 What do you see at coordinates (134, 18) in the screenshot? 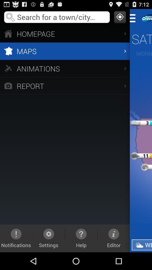
I see `the app above the saturday 10 app` at bounding box center [134, 18].